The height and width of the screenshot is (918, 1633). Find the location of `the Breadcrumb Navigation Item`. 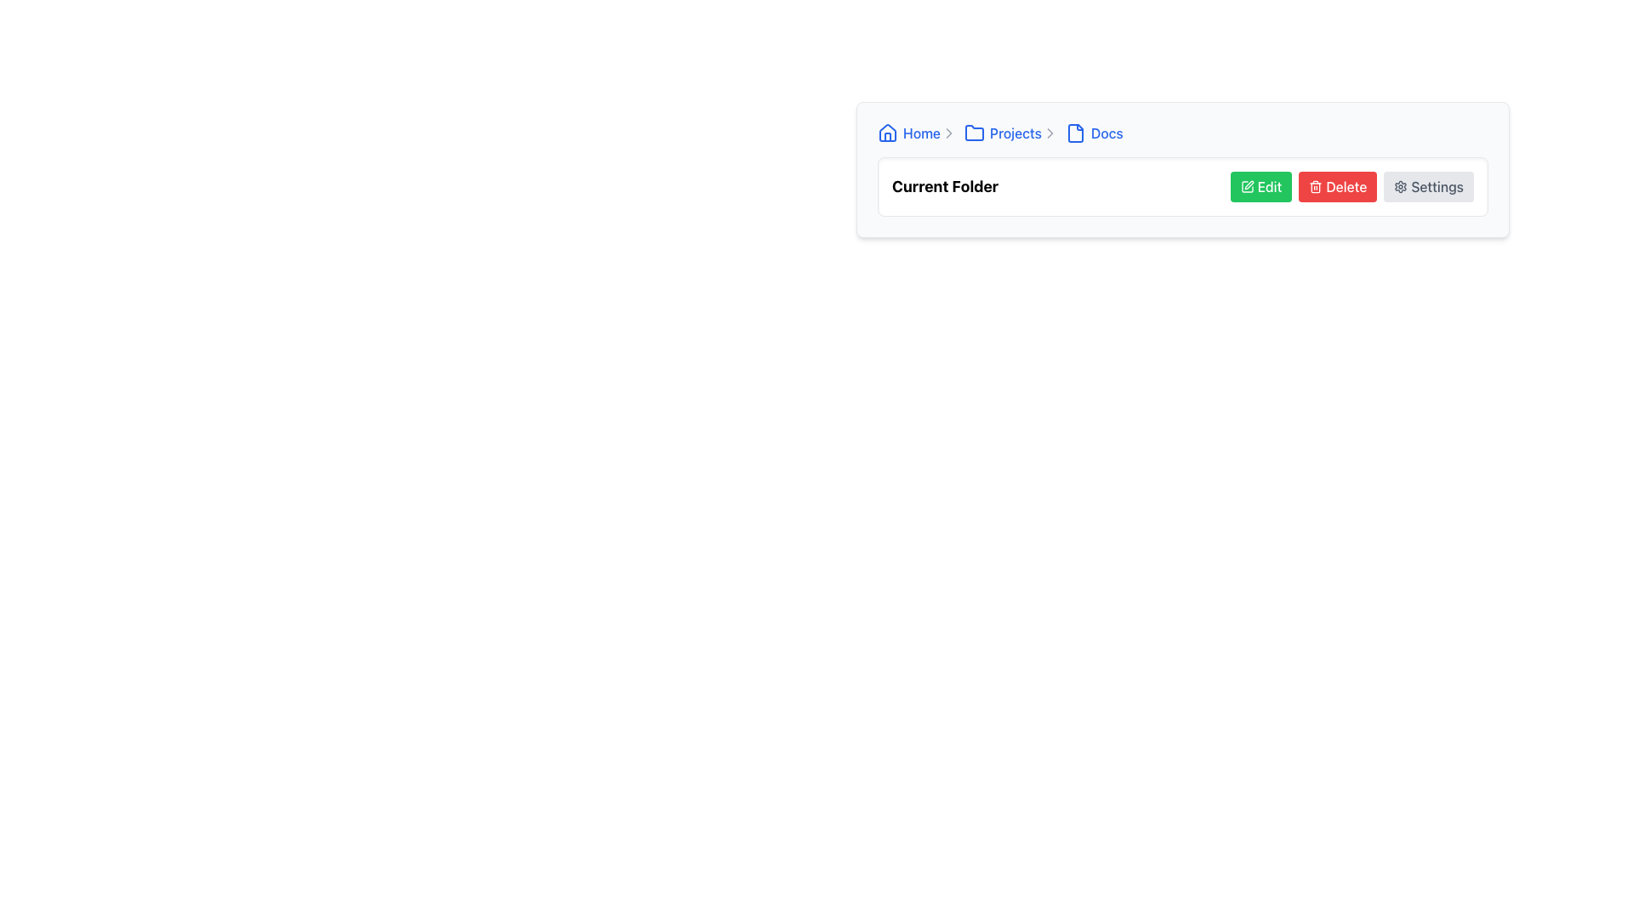

the Breadcrumb Navigation Item is located at coordinates (917, 133).